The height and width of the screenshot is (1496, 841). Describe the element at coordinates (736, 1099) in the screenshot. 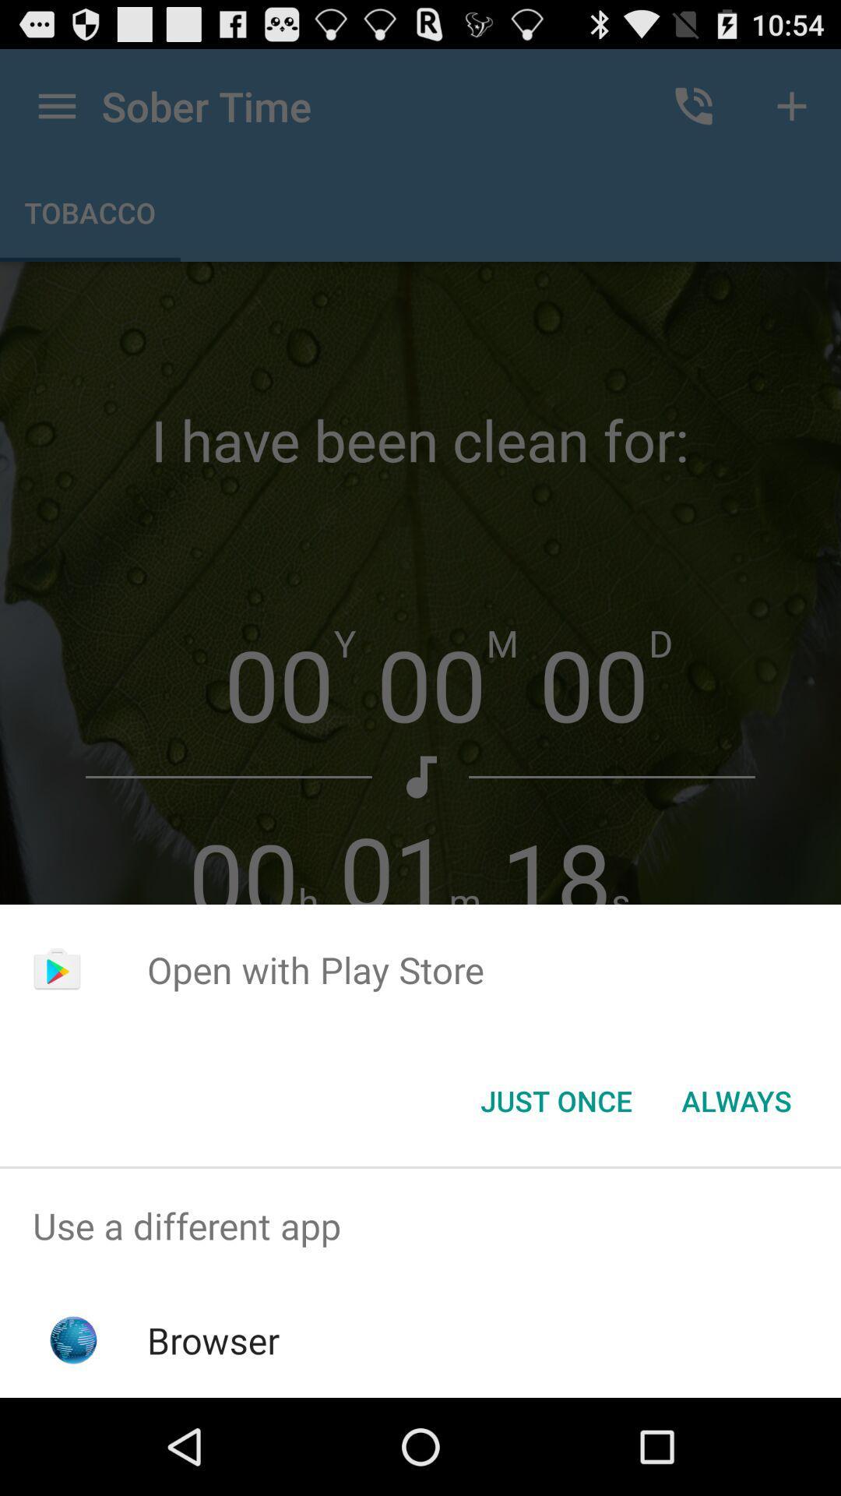

I see `the icon to the right of just once` at that location.